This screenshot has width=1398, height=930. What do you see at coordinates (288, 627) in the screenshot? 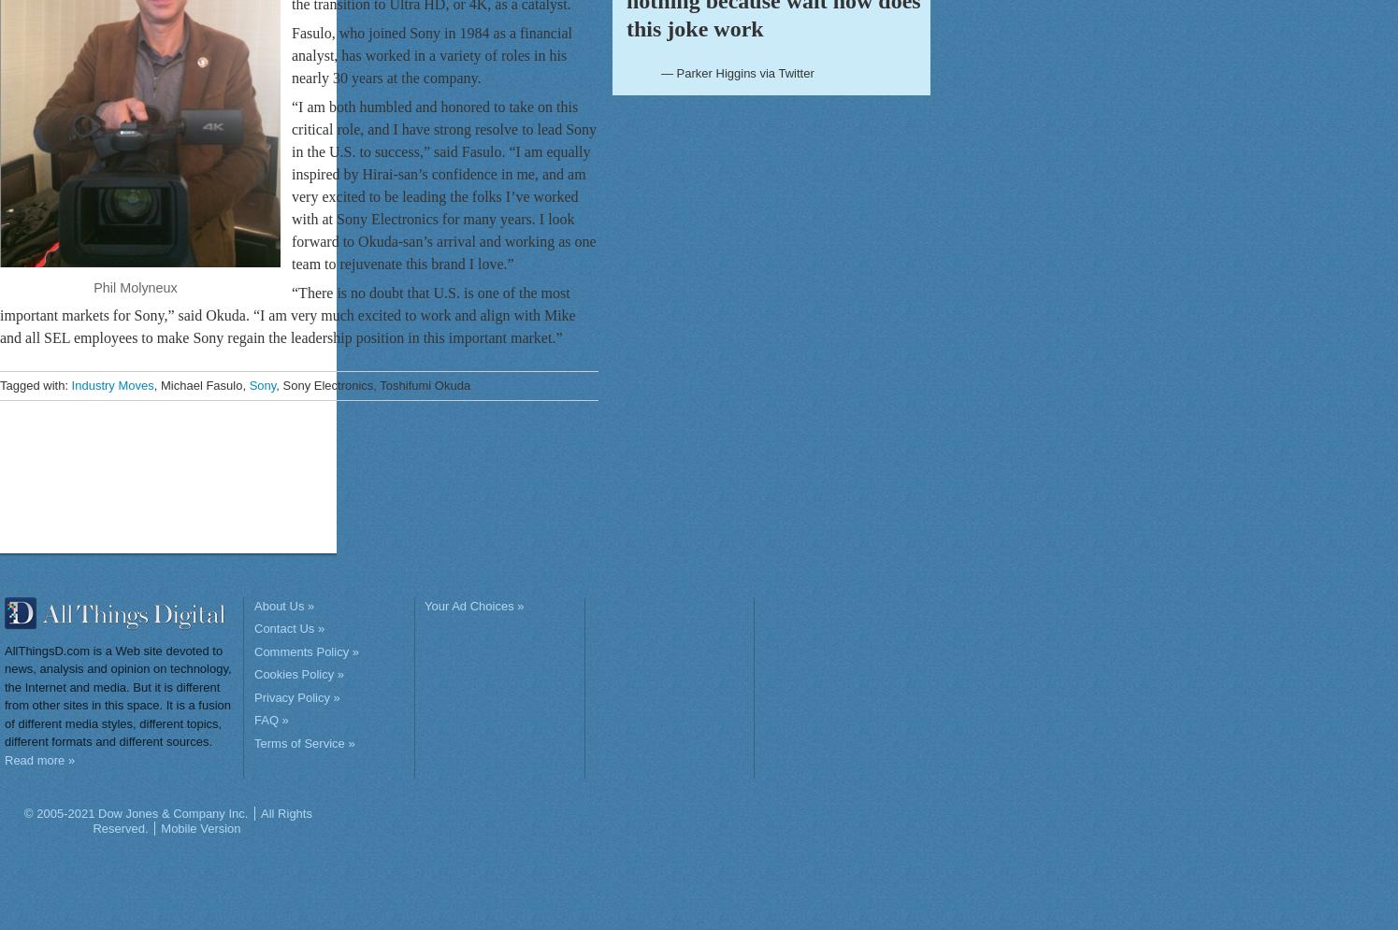
I see `'Contact Us »'` at bounding box center [288, 627].